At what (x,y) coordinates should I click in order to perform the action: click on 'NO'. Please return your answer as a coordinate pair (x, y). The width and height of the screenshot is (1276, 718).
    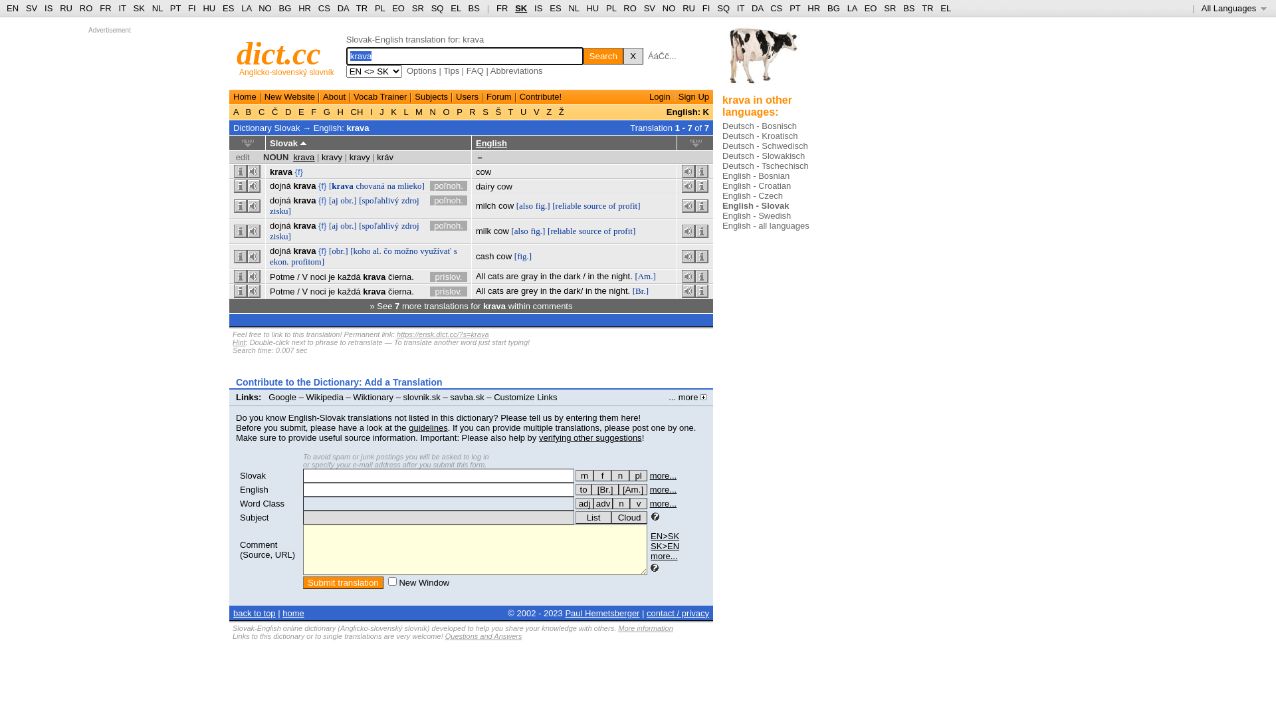
    Looking at the image, I should click on (669, 8).